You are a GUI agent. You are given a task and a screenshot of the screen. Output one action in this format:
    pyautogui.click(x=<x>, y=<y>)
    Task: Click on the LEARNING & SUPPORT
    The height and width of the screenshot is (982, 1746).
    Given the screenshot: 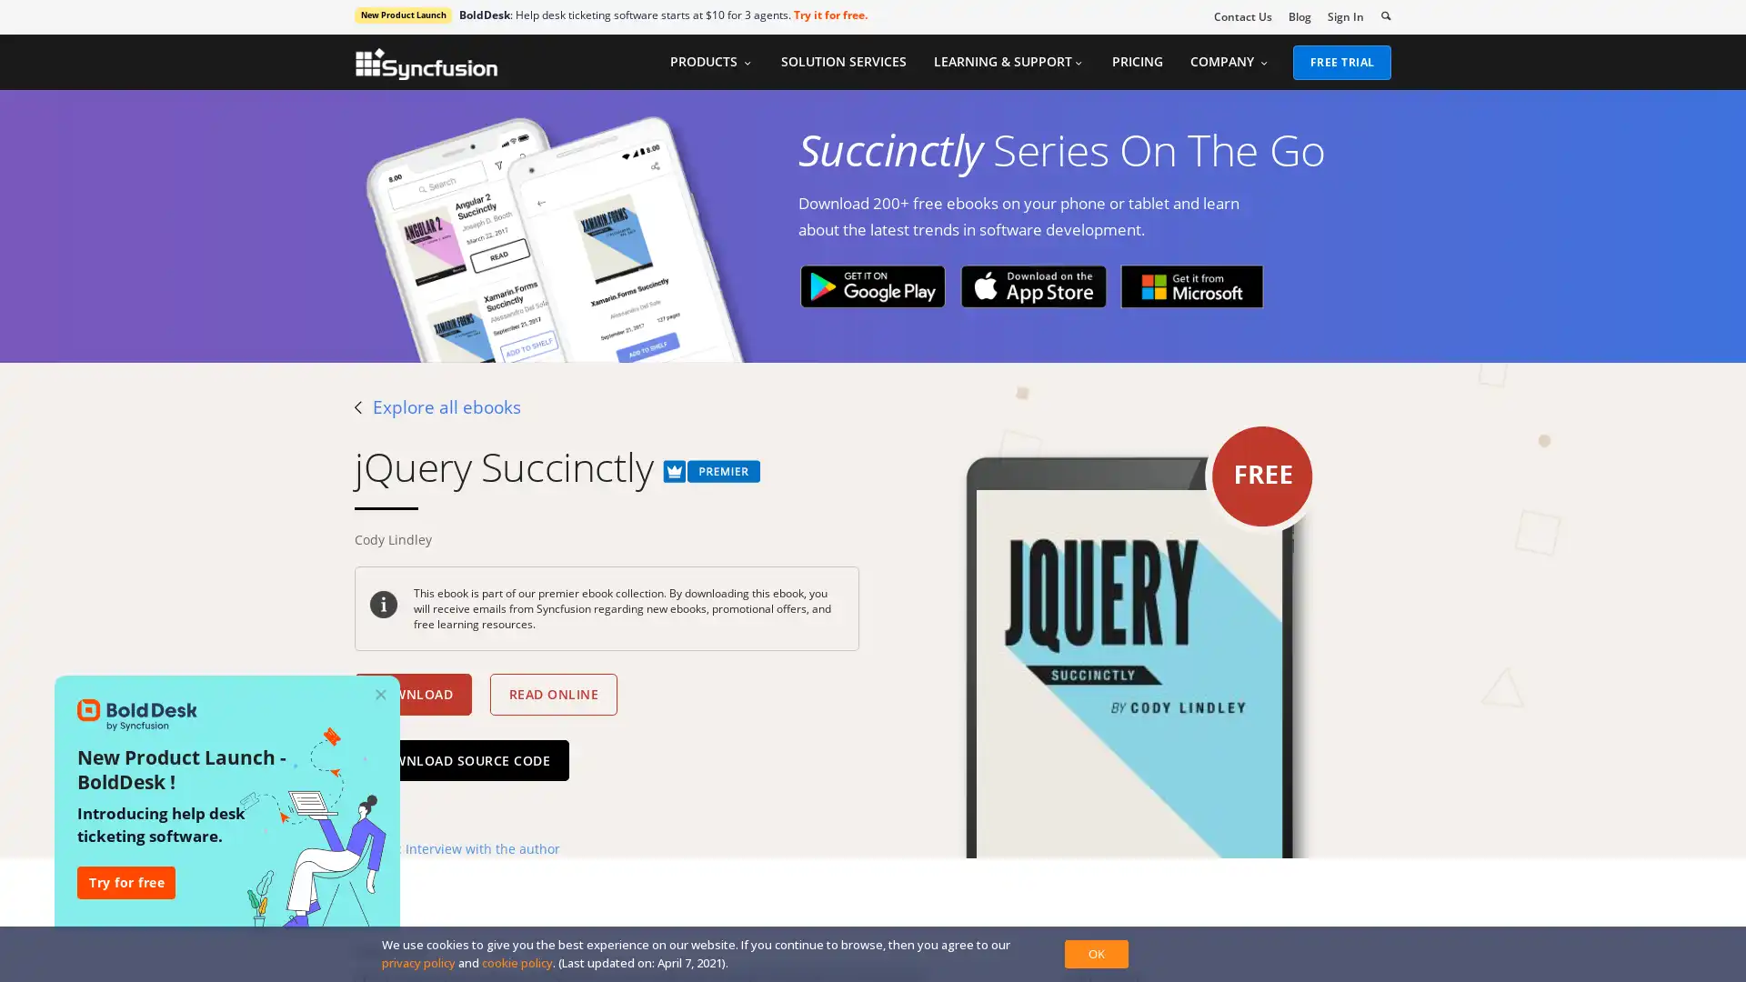 What is the action you would take?
    pyautogui.click(x=1007, y=61)
    